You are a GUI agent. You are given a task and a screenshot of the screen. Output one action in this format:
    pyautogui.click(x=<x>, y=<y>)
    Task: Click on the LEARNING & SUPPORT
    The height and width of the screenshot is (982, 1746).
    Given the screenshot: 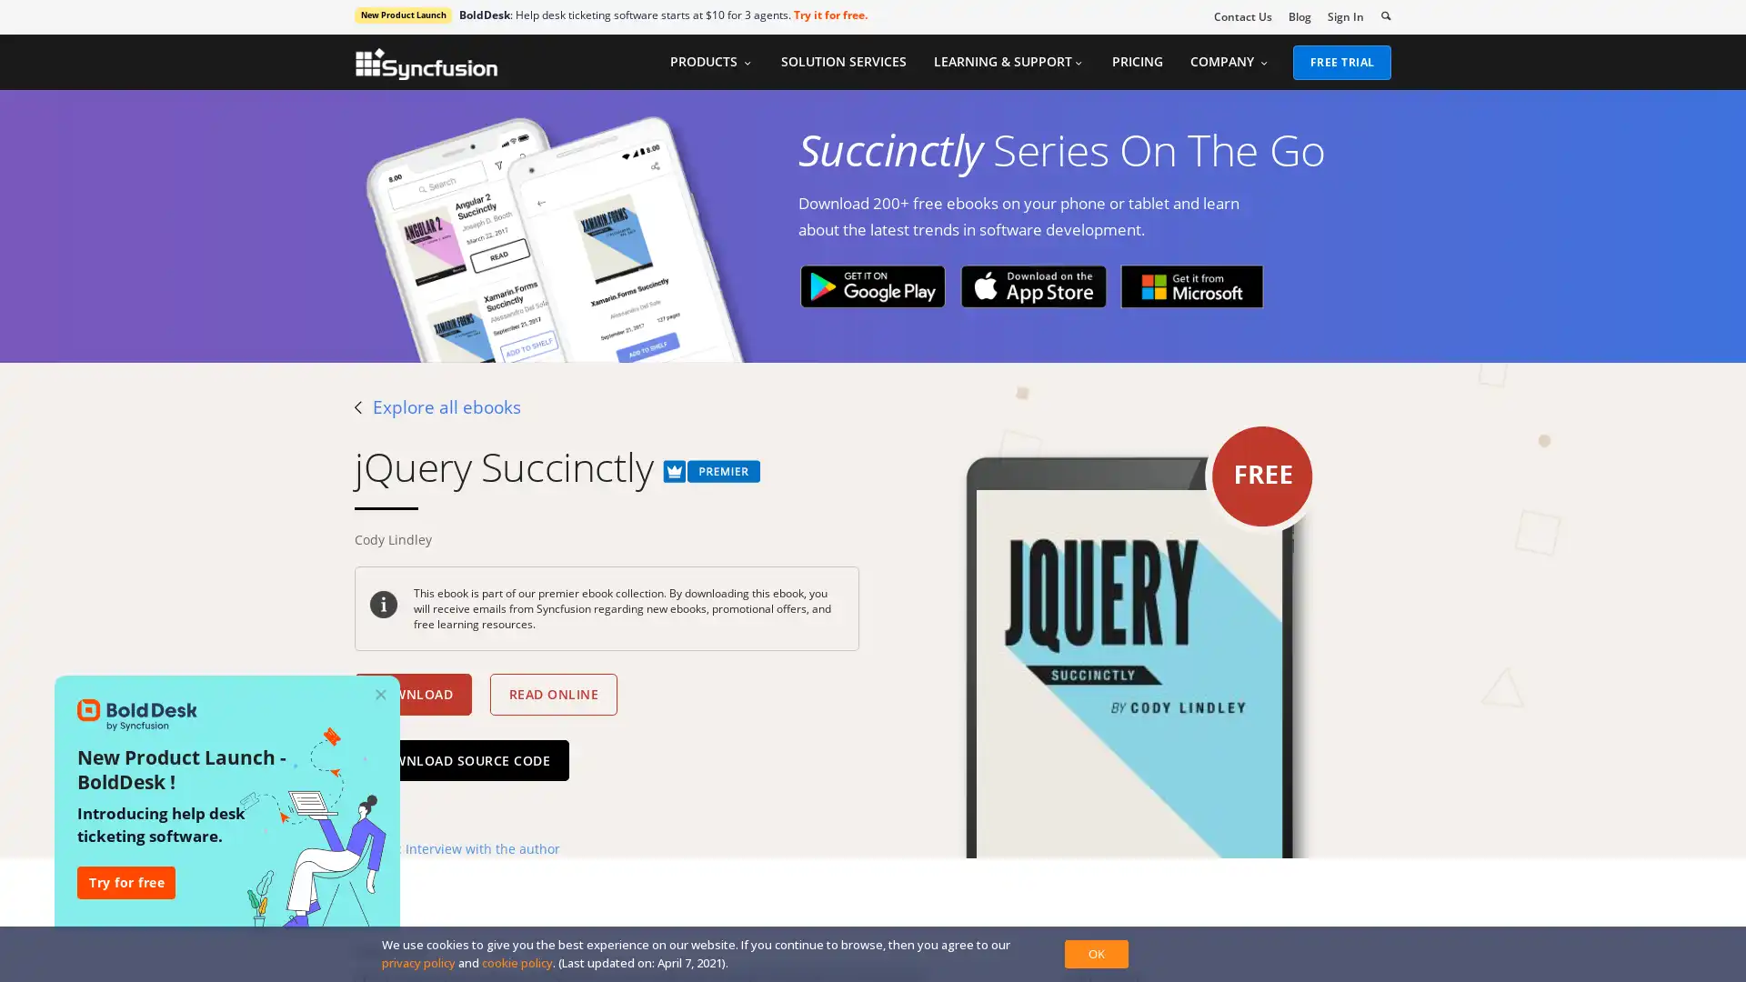 What is the action you would take?
    pyautogui.click(x=1007, y=61)
    